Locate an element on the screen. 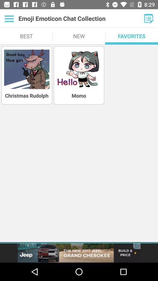 This screenshot has width=158, height=281. open menu is located at coordinates (149, 18).